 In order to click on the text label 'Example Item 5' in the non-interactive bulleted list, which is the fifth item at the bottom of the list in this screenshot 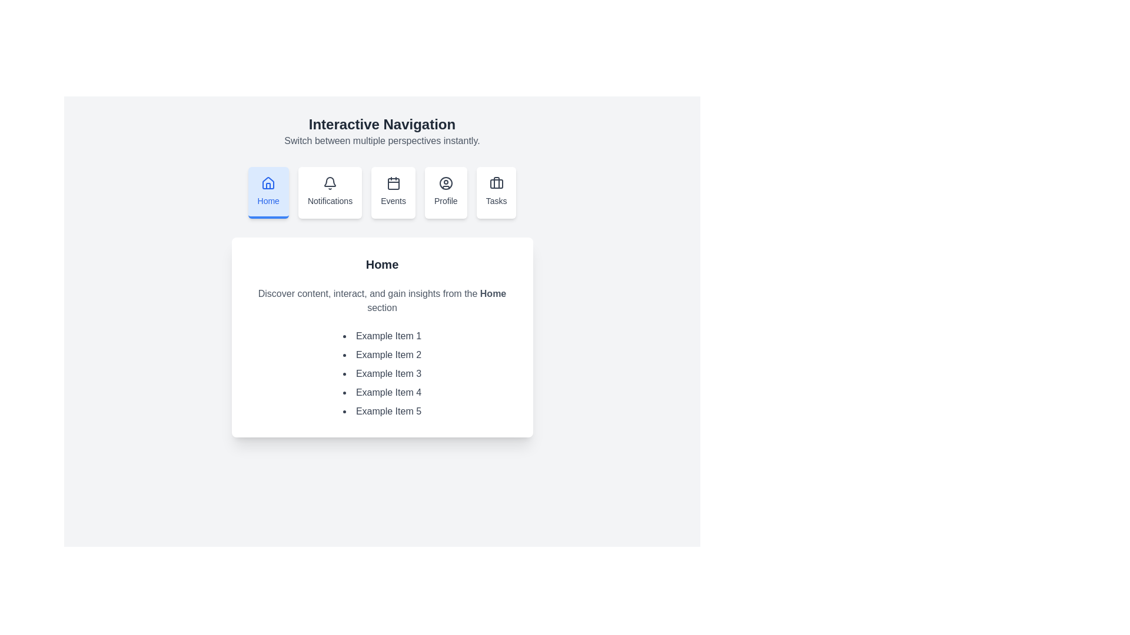, I will do `click(382, 410)`.